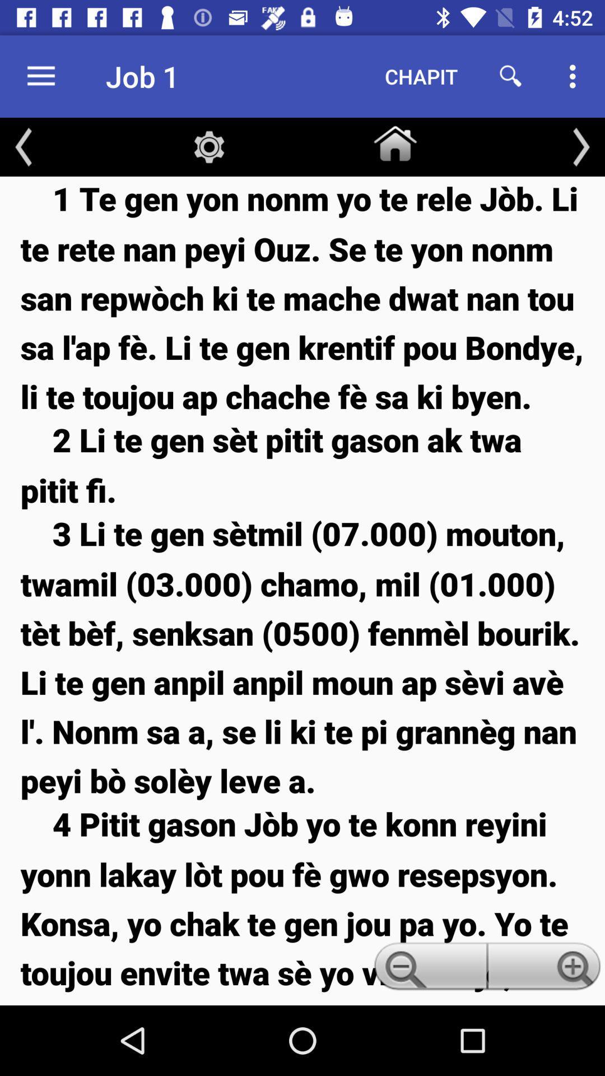 Image resolution: width=605 pixels, height=1076 pixels. What do you see at coordinates (394, 141) in the screenshot?
I see `item above 1 te gen item` at bounding box center [394, 141].